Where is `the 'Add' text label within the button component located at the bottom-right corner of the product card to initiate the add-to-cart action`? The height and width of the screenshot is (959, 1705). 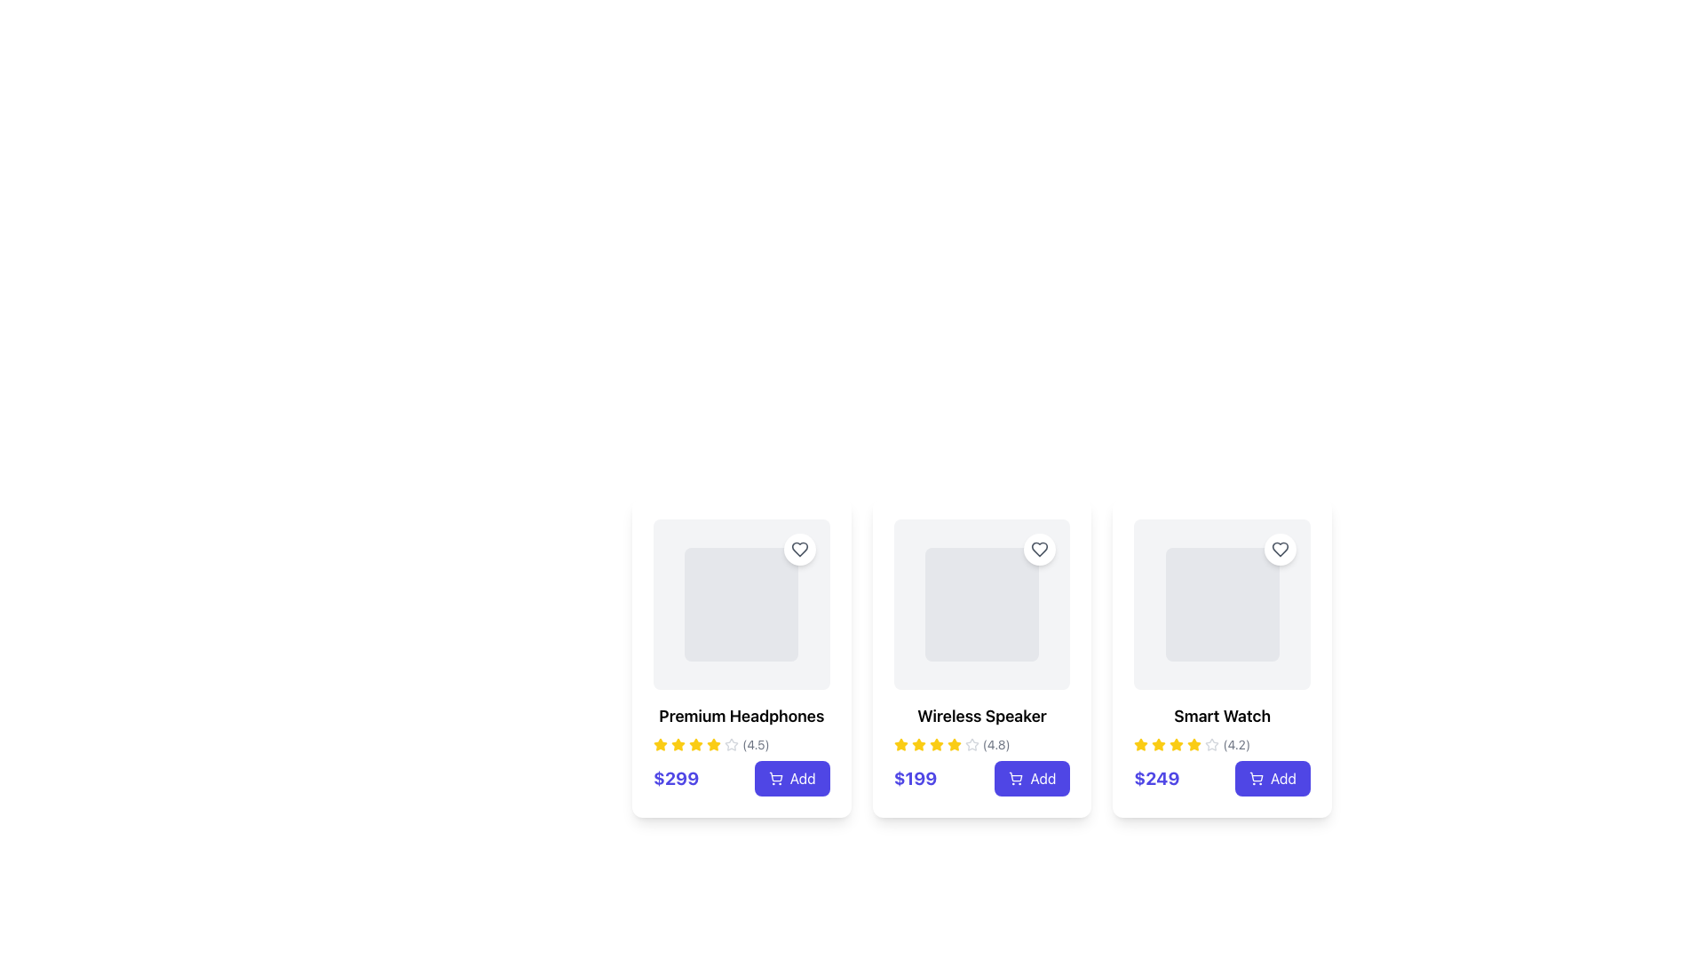 the 'Add' text label within the button component located at the bottom-right corner of the product card to initiate the add-to-cart action is located at coordinates (801, 777).